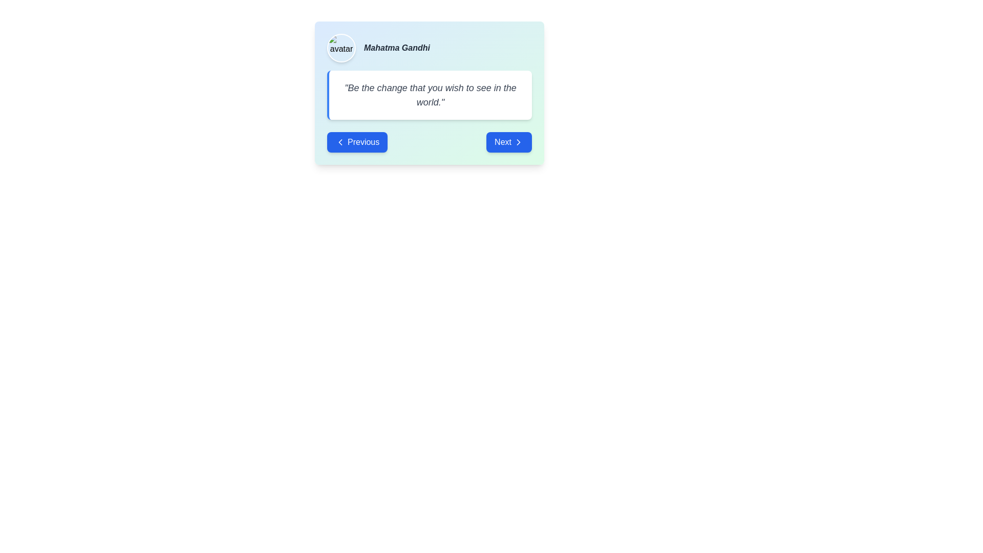 Image resolution: width=983 pixels, height=553 pixels. I want to click on the Navigation control buttons labeled 'Previous' and 'Next', so click(430, 142).